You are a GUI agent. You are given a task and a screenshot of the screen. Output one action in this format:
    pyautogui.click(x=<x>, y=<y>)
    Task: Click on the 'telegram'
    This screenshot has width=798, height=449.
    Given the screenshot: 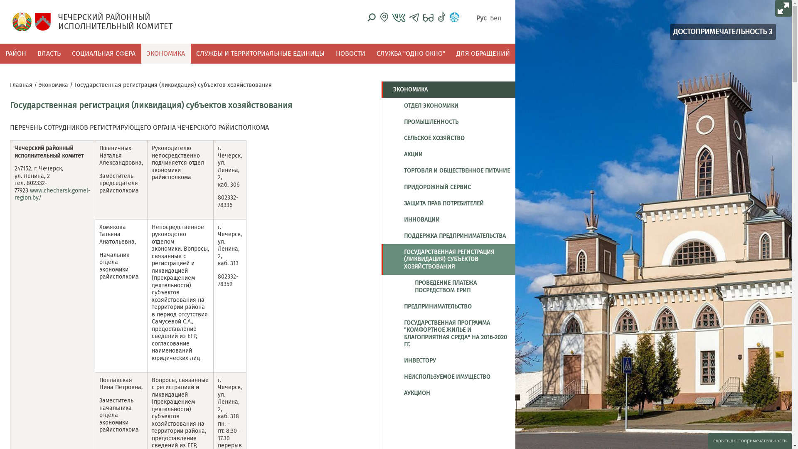 What is the action you would take?
    pyautogui.click(x=414, y=17)
    